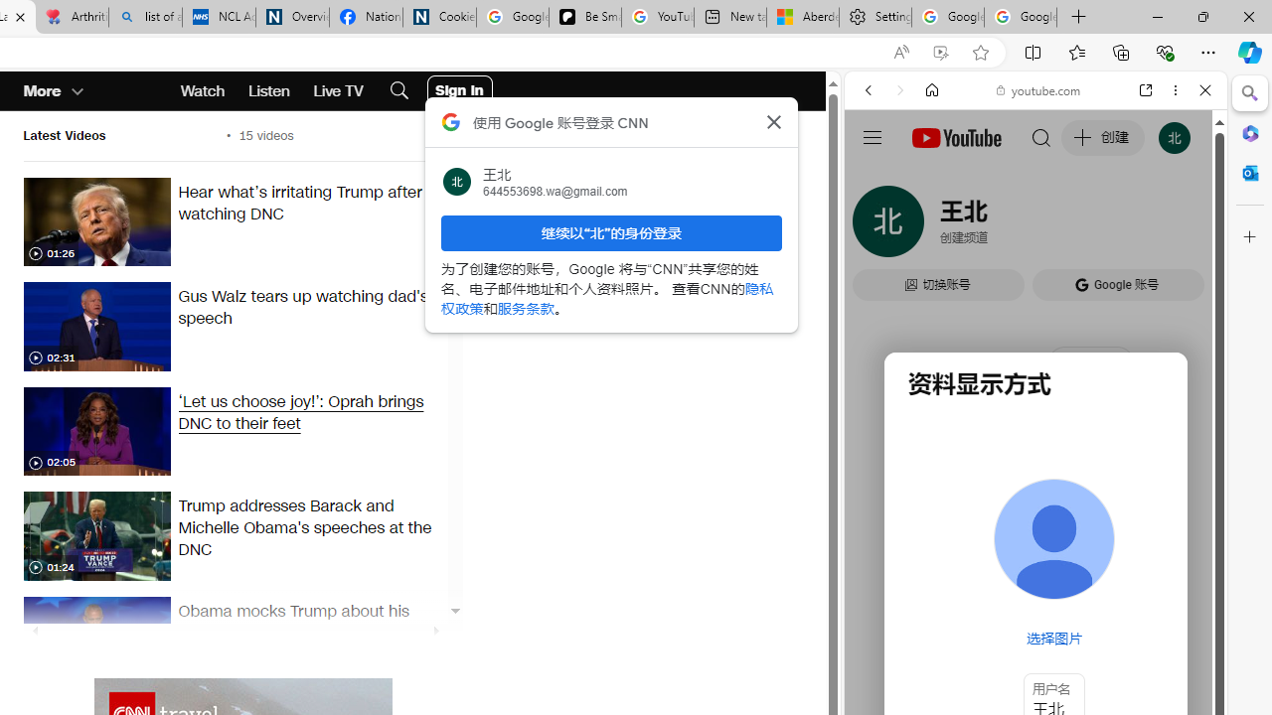 Image resolution: width=1272 pixels, height=715 pixels. Describe the element at coordinates (397, 91) in the screenshot. I see `'Search Icon'` at that location.